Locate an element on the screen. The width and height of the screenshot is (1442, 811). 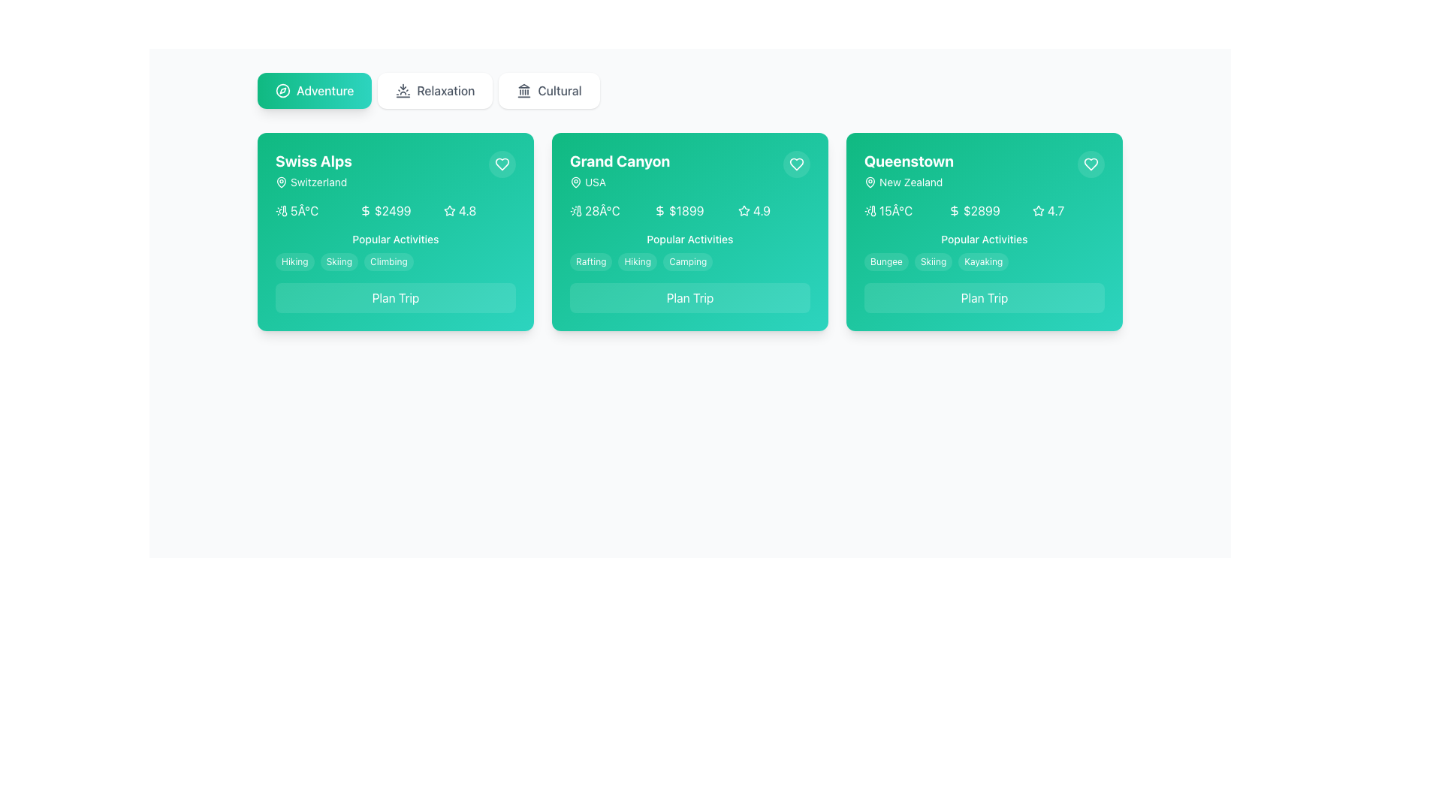
the 'Relaxation' button, which has a white background, a sunset icon on the left, and a gray font label centered next to it is located at coordinates (434, 90).